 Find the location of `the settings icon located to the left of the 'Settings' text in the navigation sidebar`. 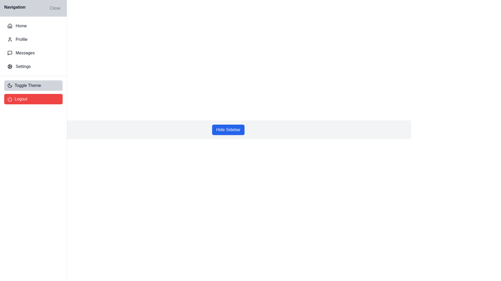

the settings icon located to the left of the 'Settings' text in the navigation sidebar is located at coordinates (10, 66).